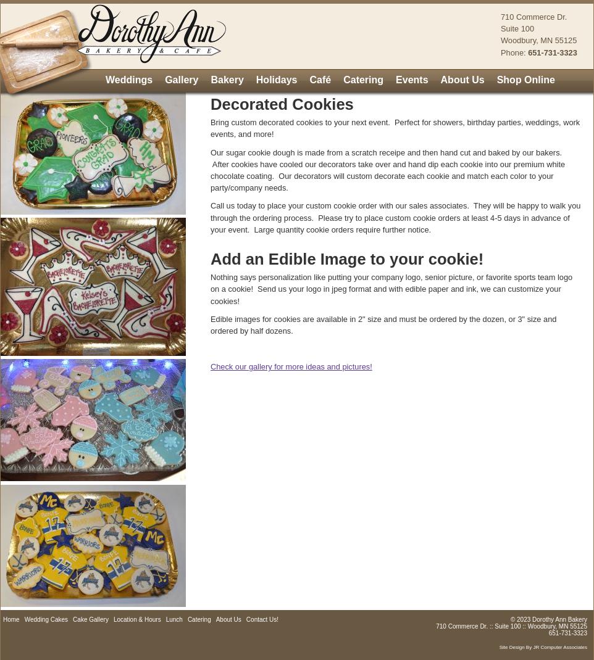 This screenshot has width=594, height=660. I want to click on '710 Commerce Dr. ::	Suite 100 :: Woodbury, MN 55125', so click(511, 625).